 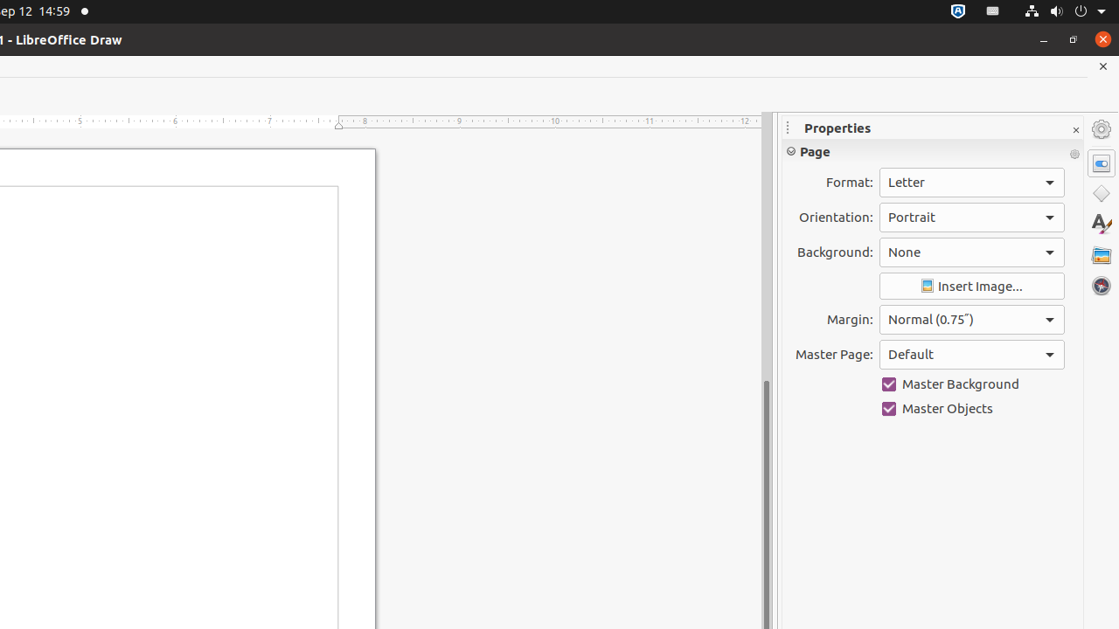 I want to click on 'Close Sidebar Deck', so click(x=1074, y=129).